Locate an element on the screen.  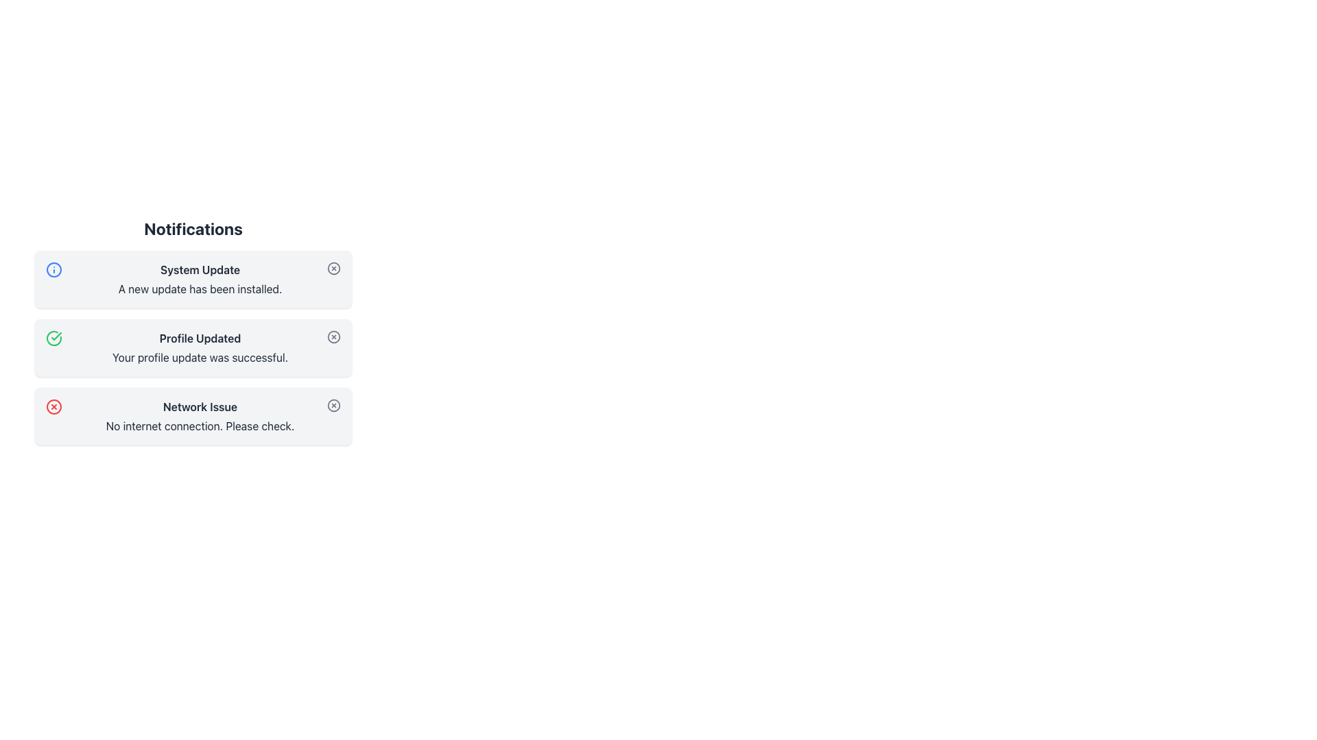
the green circular icon with a checkmark, which is located to the left of the 'Profile Updated' notification is located at coordinates (54, 338).